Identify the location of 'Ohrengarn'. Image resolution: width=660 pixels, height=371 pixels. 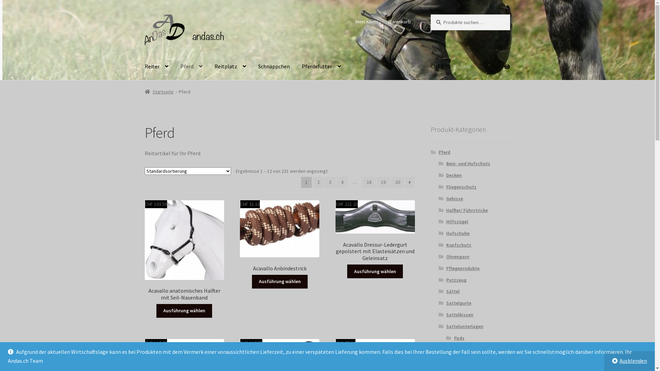
(458, 257).